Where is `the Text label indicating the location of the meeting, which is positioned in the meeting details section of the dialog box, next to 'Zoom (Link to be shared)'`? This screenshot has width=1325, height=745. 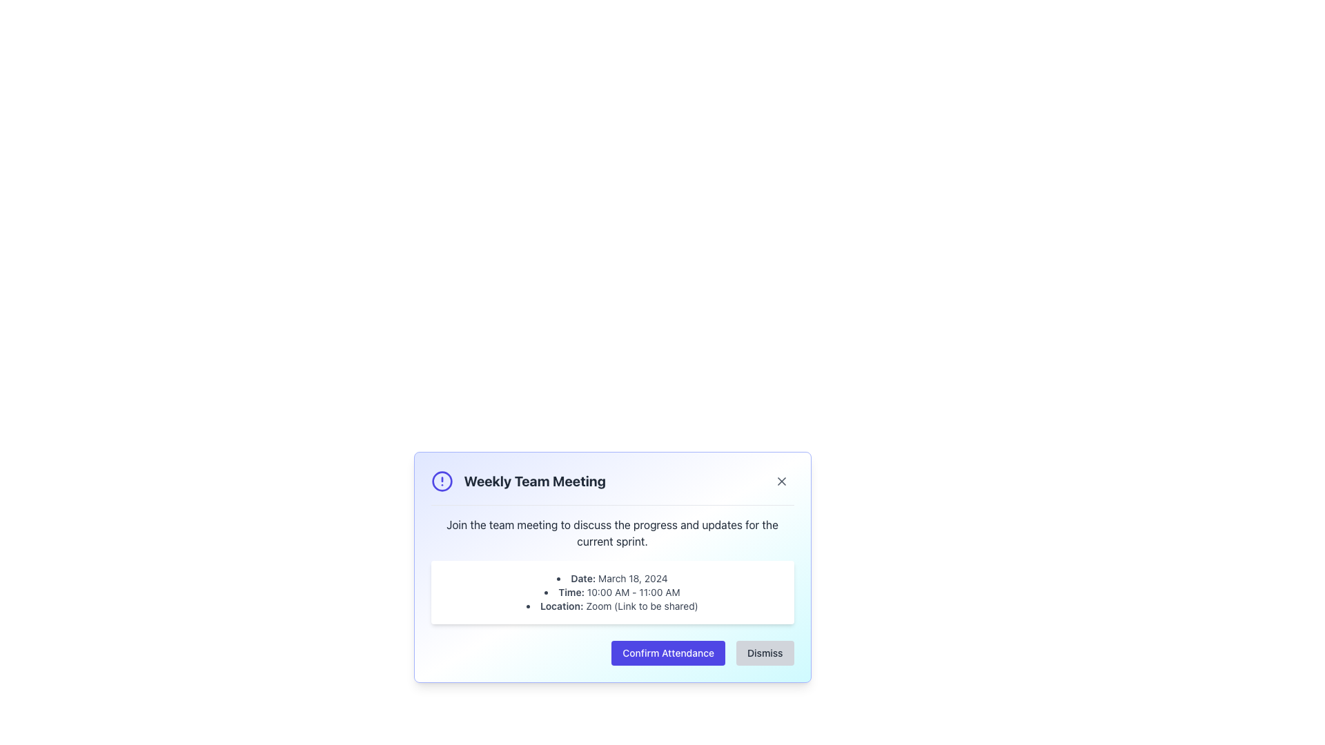 the Text label indicating the location of the meeting, which is positioned in the meeting details section of the dialog box, next to 'Zoom (Link to be shared)' is located at coordinates (562, 605).